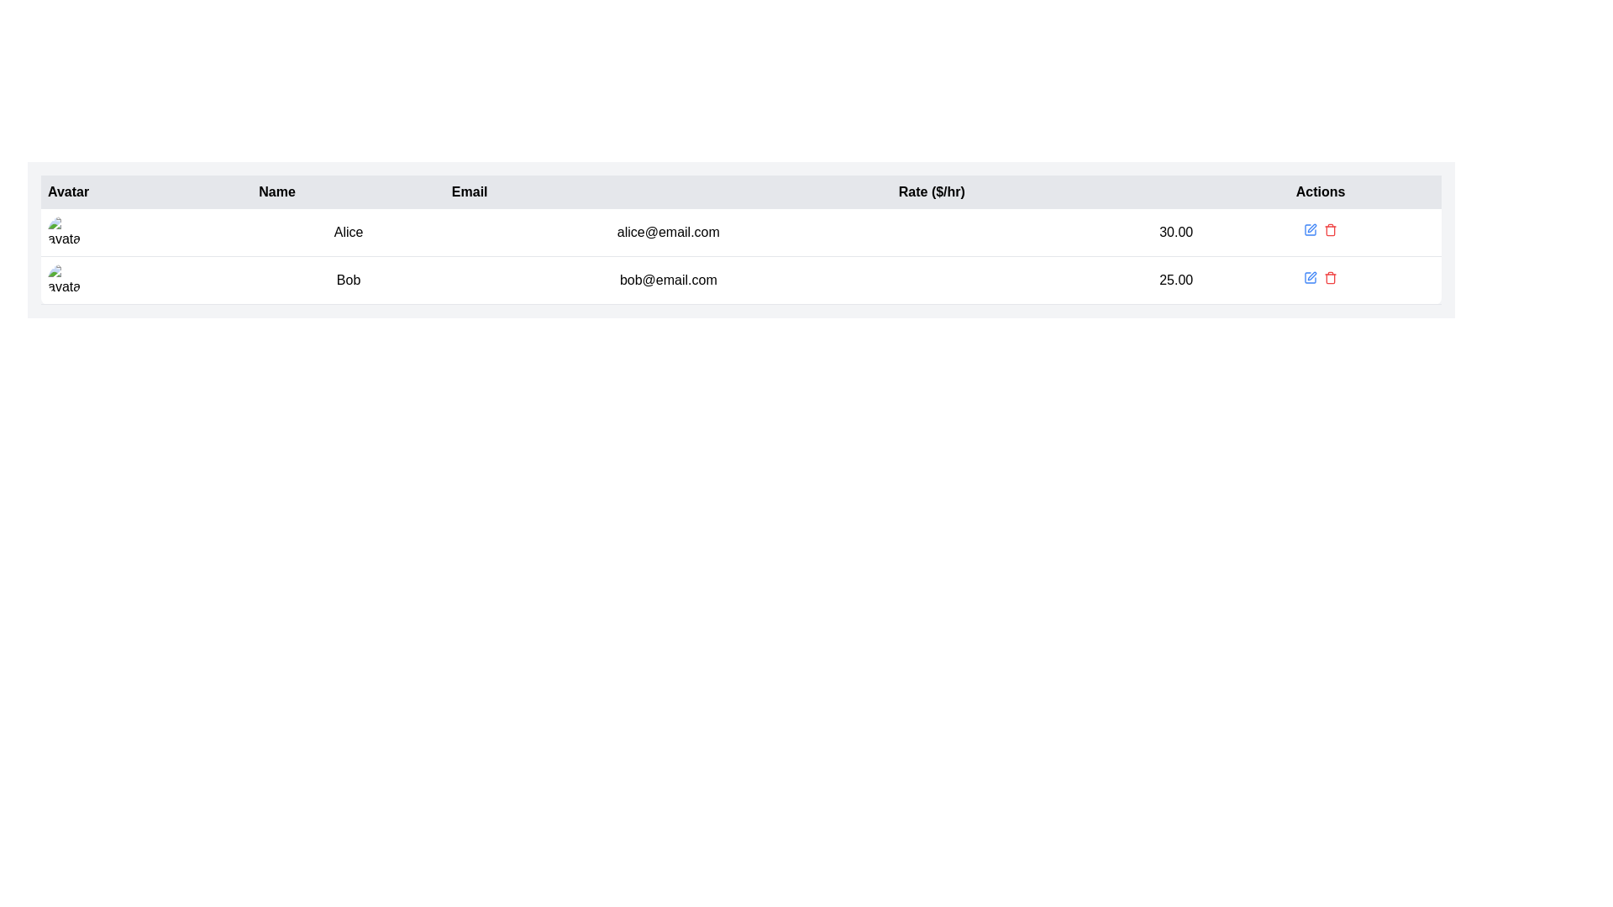 Image resolution: width=1613 pixels, height=907 pixels. Describe the element at coordinates (1310, 277) in the screenshot. I see `the small blue pencil icon in the Actions column of the second row of the table` at that location.